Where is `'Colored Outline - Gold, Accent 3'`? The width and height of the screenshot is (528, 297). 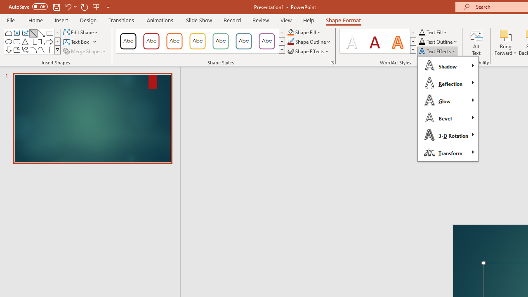
'Colored Outline - Gold, Accent 3' is located at coordinates (197, 41).